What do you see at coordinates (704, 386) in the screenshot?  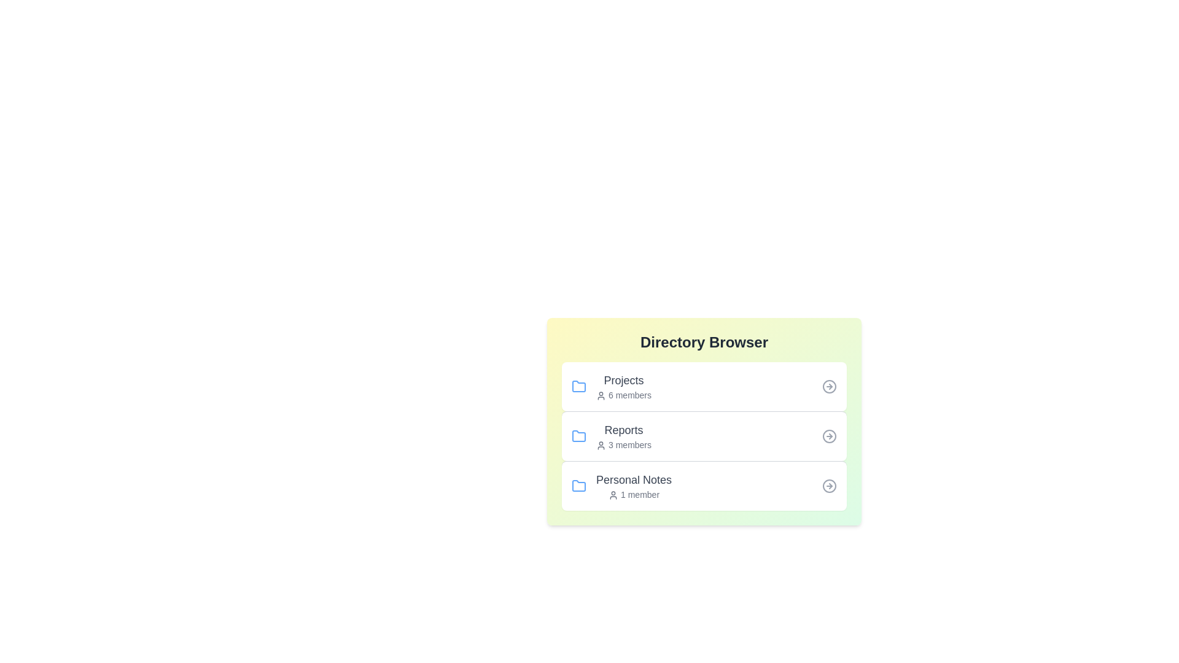 I see `the list item corresponding to Projects` at bounding box center [704, 386].